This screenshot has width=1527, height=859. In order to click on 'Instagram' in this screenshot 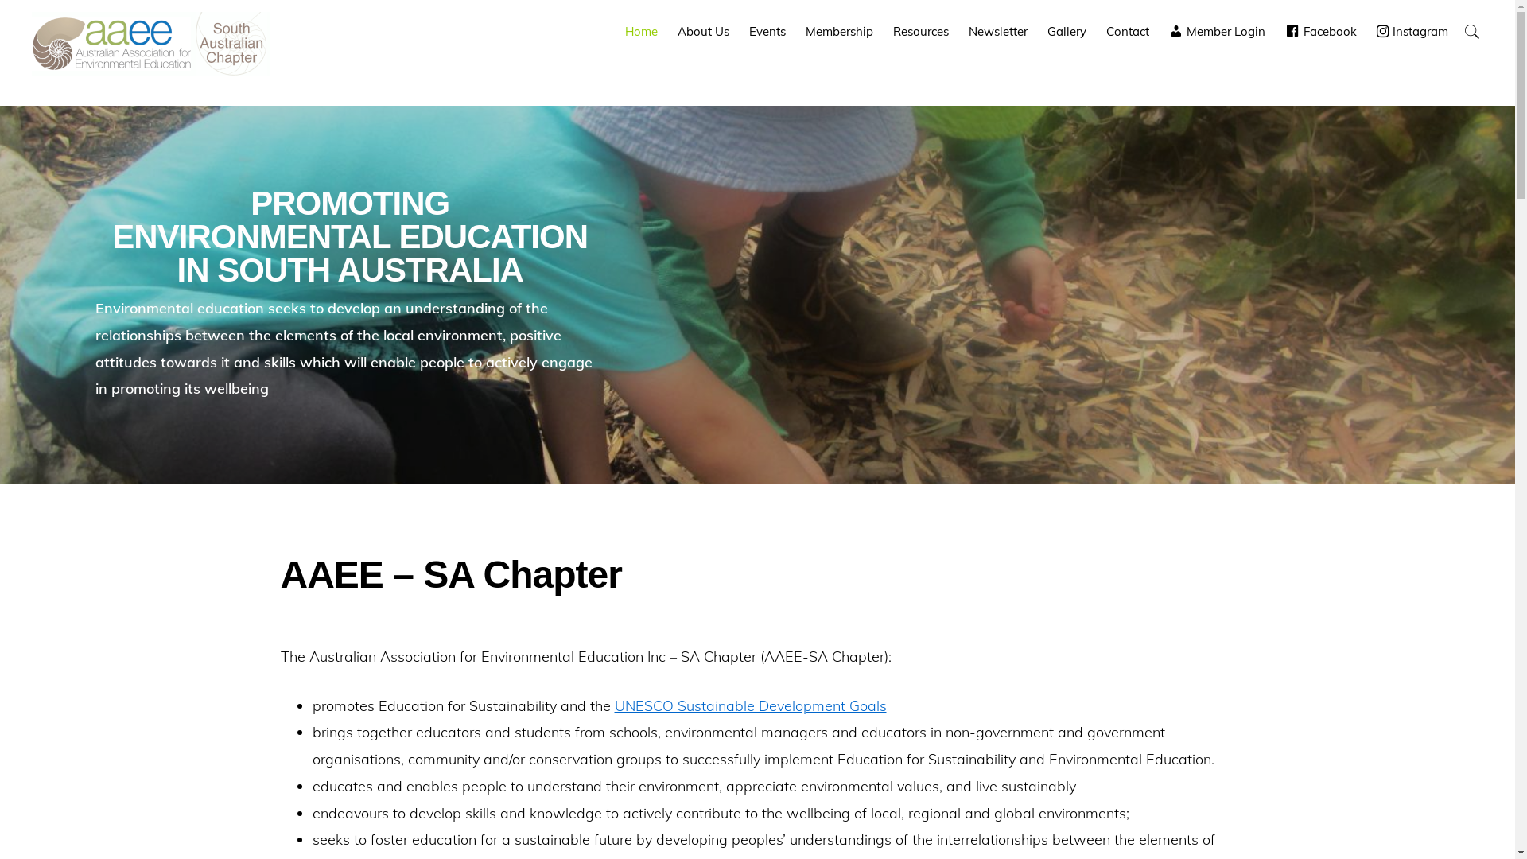, I will do `click(1412, 31)`.